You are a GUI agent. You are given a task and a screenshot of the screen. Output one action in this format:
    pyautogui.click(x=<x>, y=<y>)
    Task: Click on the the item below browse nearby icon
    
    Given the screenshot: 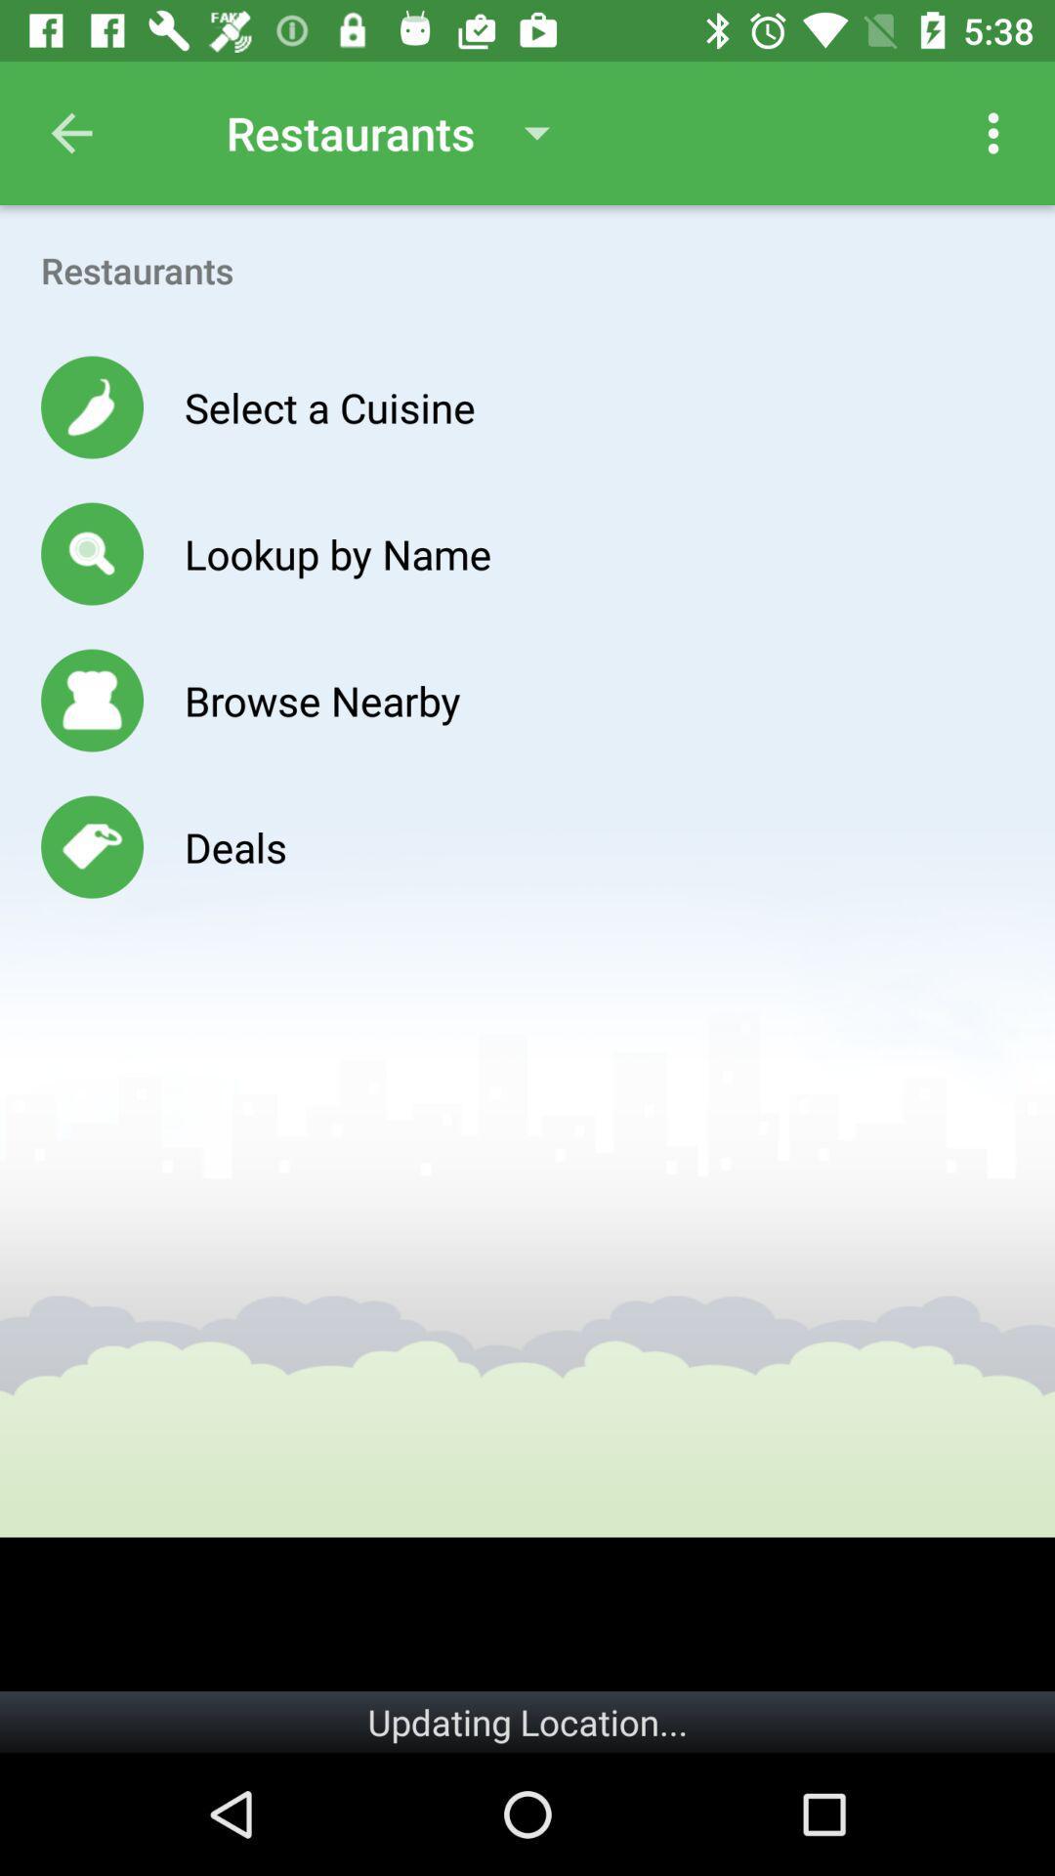 What is the action you would take?
    pyautogui.click(x=234, y=847)
    